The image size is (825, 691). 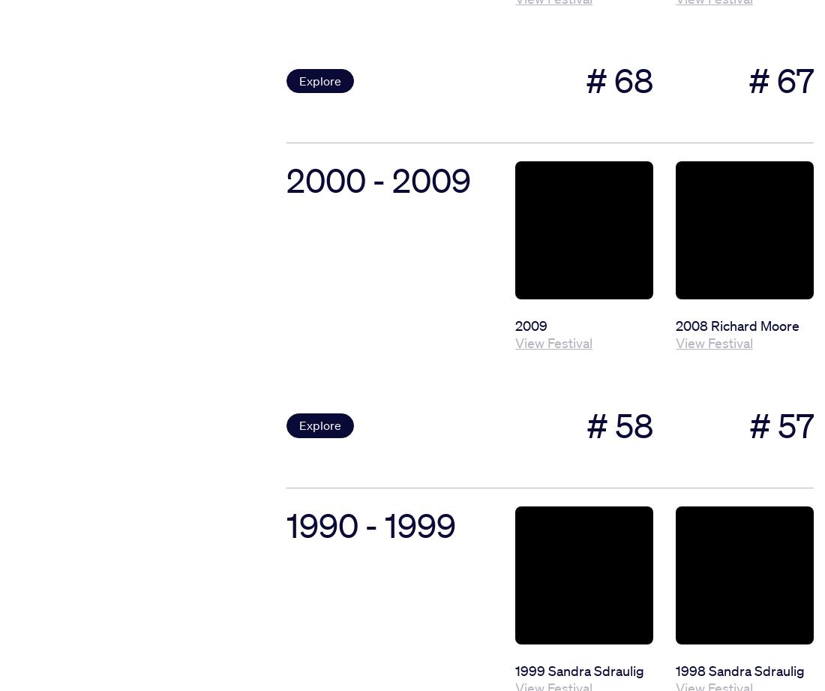 I want to click on '2008 Richard Moore', so click(x=736, y=324).